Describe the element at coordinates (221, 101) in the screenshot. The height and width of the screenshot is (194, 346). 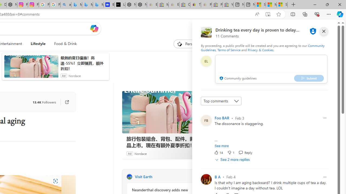
I see `'Sort comments by'` at that location.